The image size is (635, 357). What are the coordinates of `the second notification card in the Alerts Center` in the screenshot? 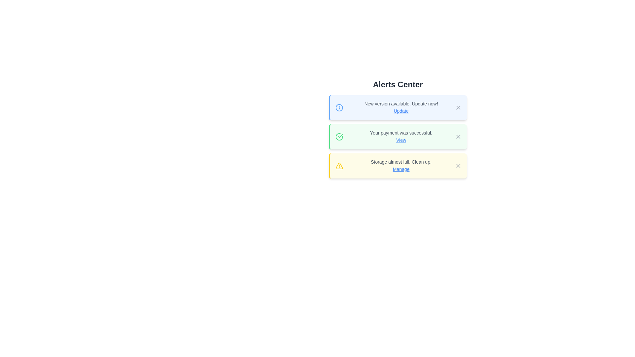 It's located at (398, 129).